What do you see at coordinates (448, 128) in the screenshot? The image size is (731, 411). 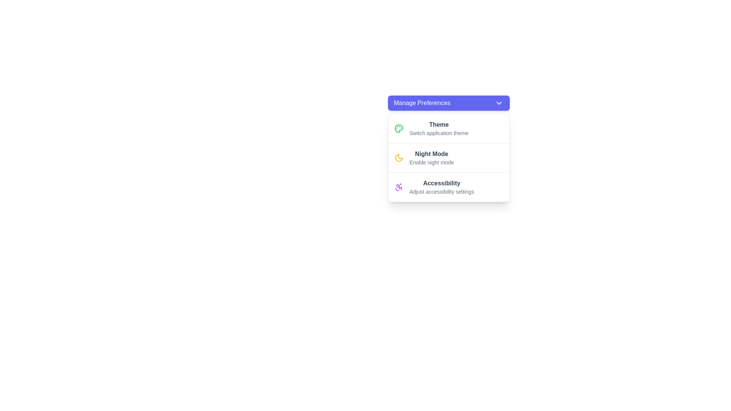 I see `the first row menu item labeled 'Theme' with a green palette icon` at bounding box center [448, 128].